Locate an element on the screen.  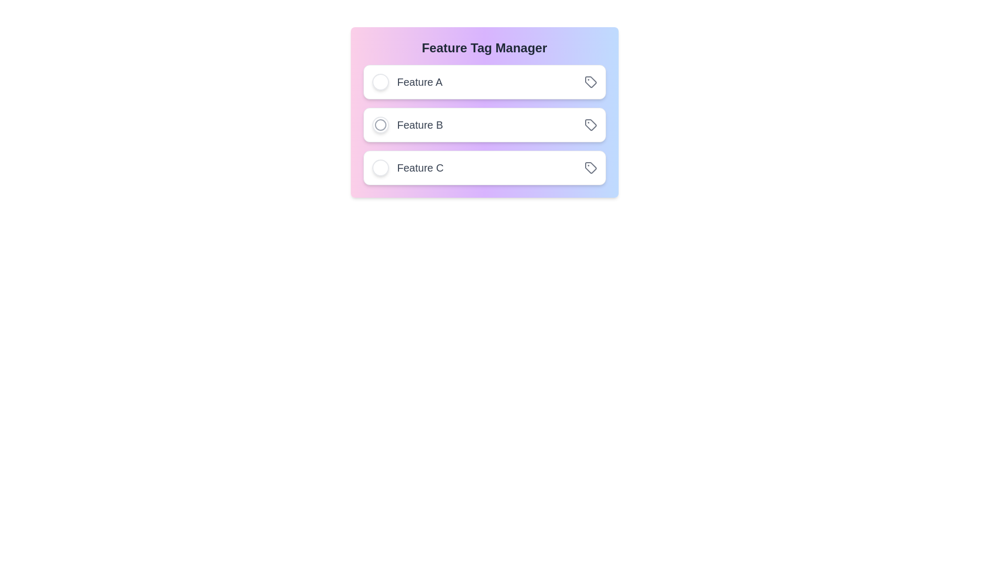
the tag-like button with a gray color that scales slightly when hovered, located to the far-right of 'Feature C' is located at coordinates (590, 167).